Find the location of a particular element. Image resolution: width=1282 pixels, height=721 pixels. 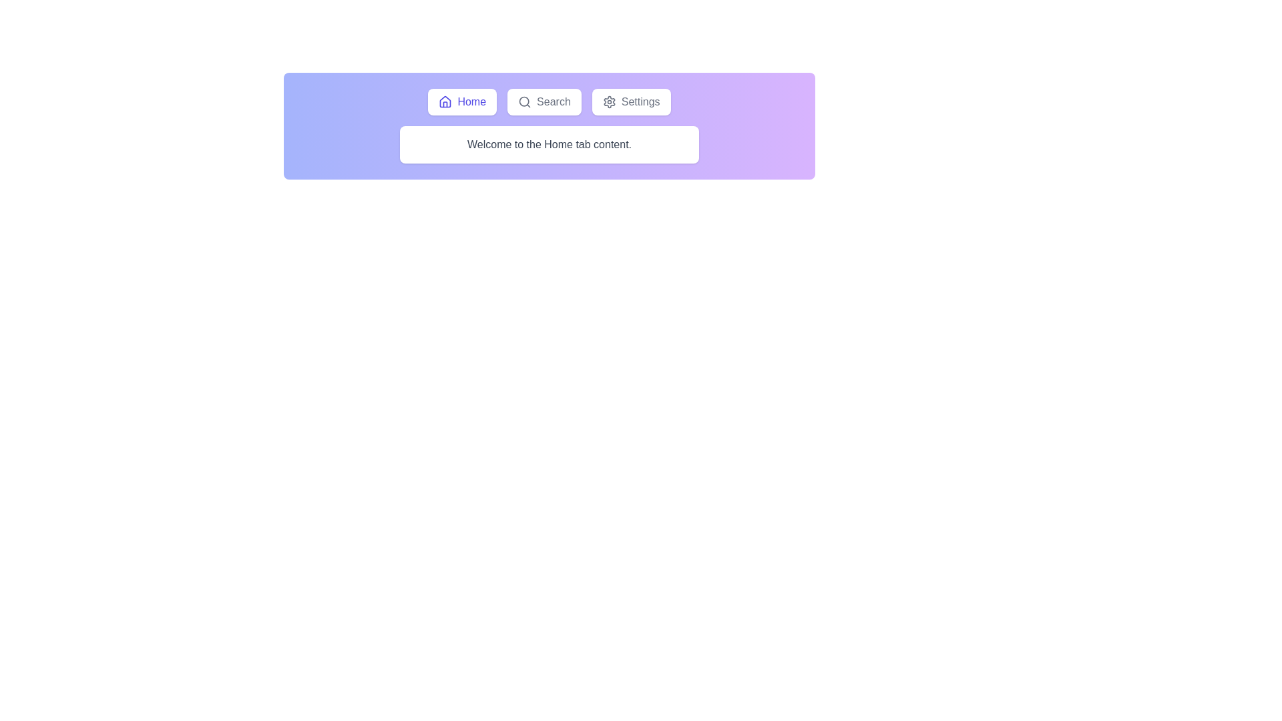

the 'Settings' button, which is a rectangular button with a gear icon and gray text is located at coordinates (630, 101).